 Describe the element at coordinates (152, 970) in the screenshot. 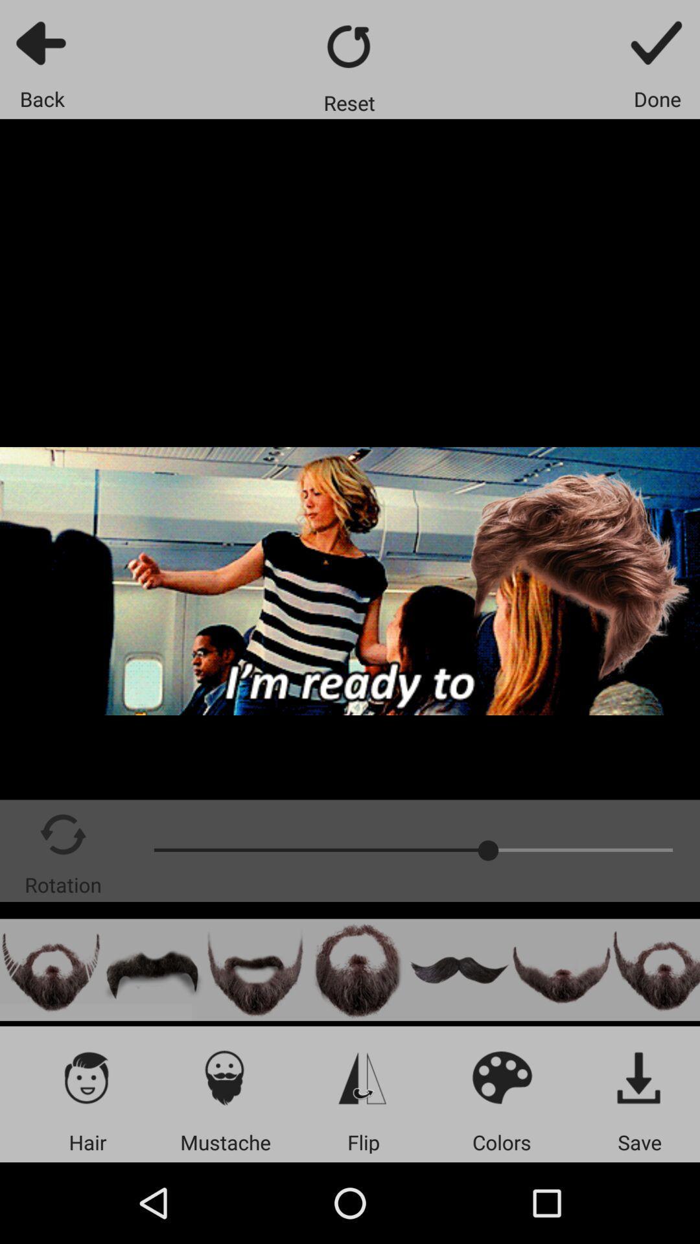

I see `drage hair onto picture` at that location.